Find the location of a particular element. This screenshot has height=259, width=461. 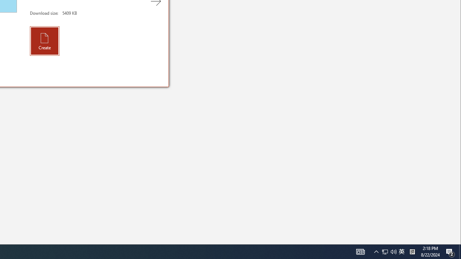

'Create' is located at coordinates (44, 41).